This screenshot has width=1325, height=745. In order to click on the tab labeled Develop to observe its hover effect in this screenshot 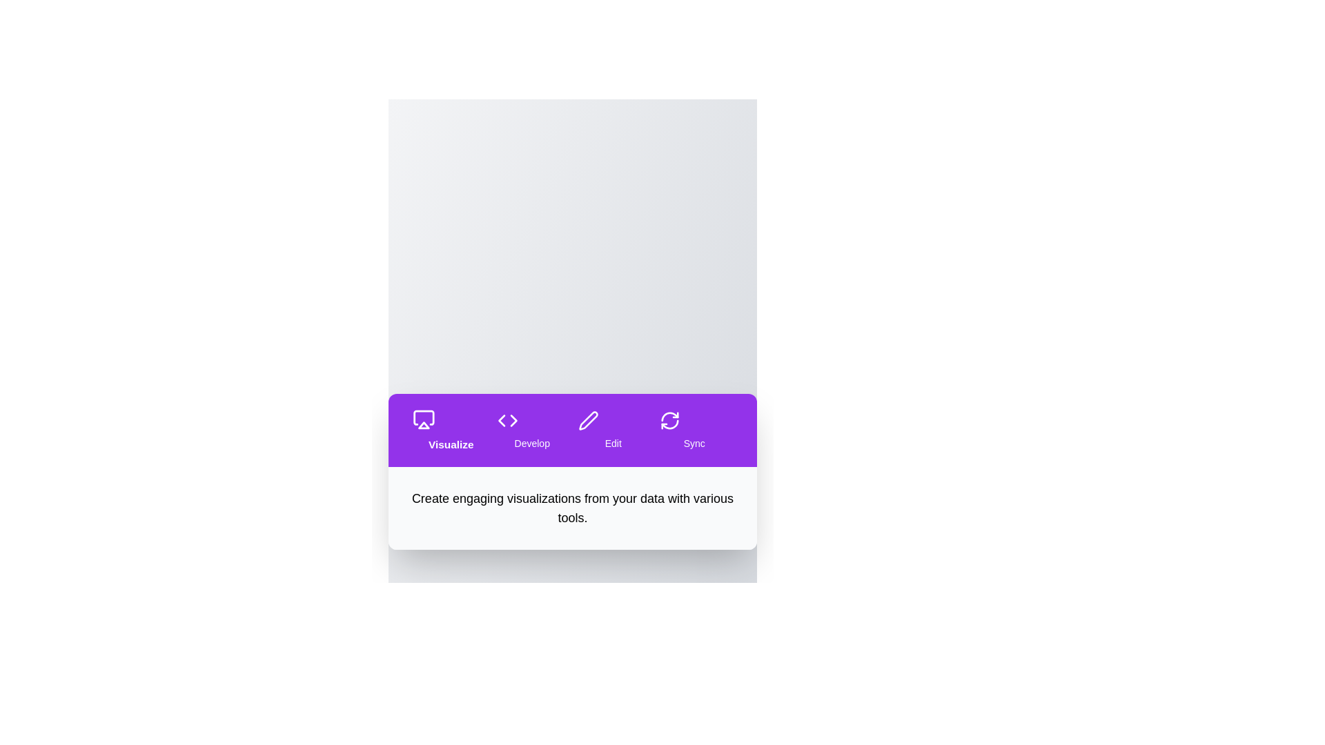, I will do `click(531, 430)`.